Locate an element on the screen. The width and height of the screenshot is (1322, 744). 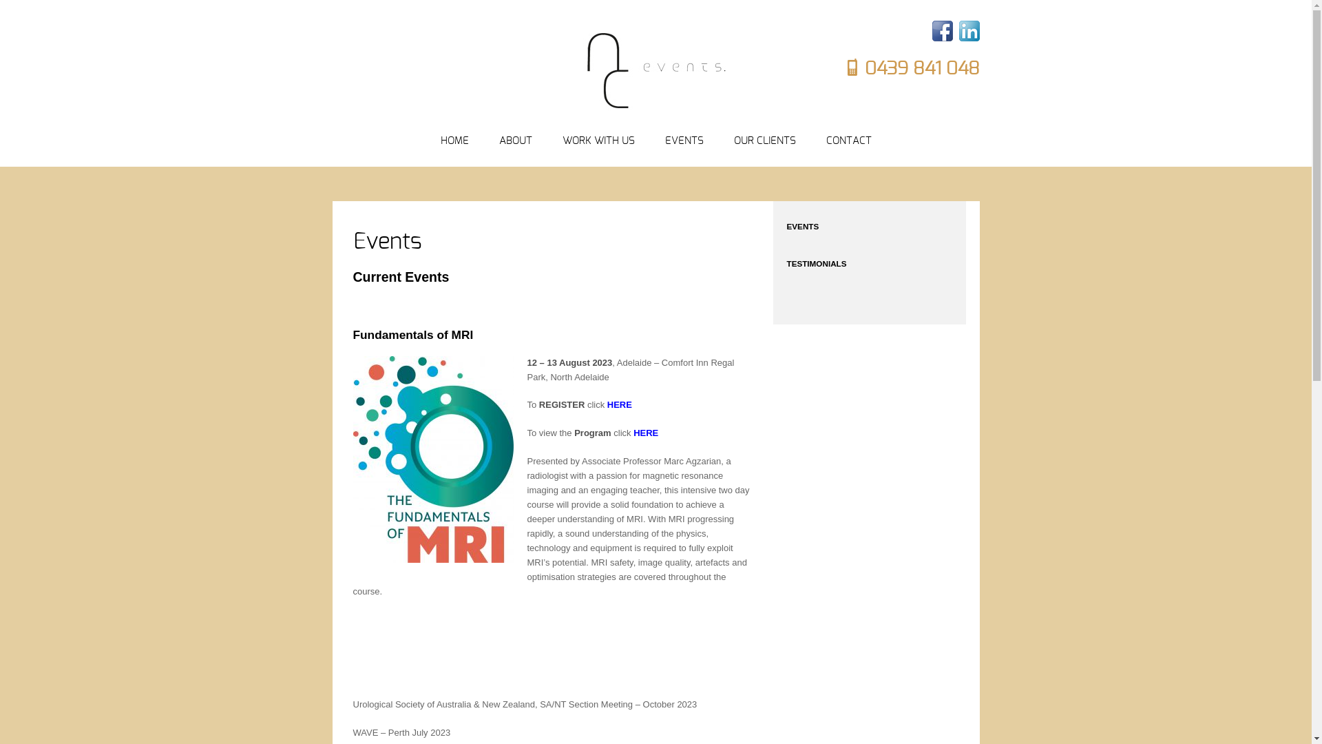
'Events' is located at coordinates (386, 241).